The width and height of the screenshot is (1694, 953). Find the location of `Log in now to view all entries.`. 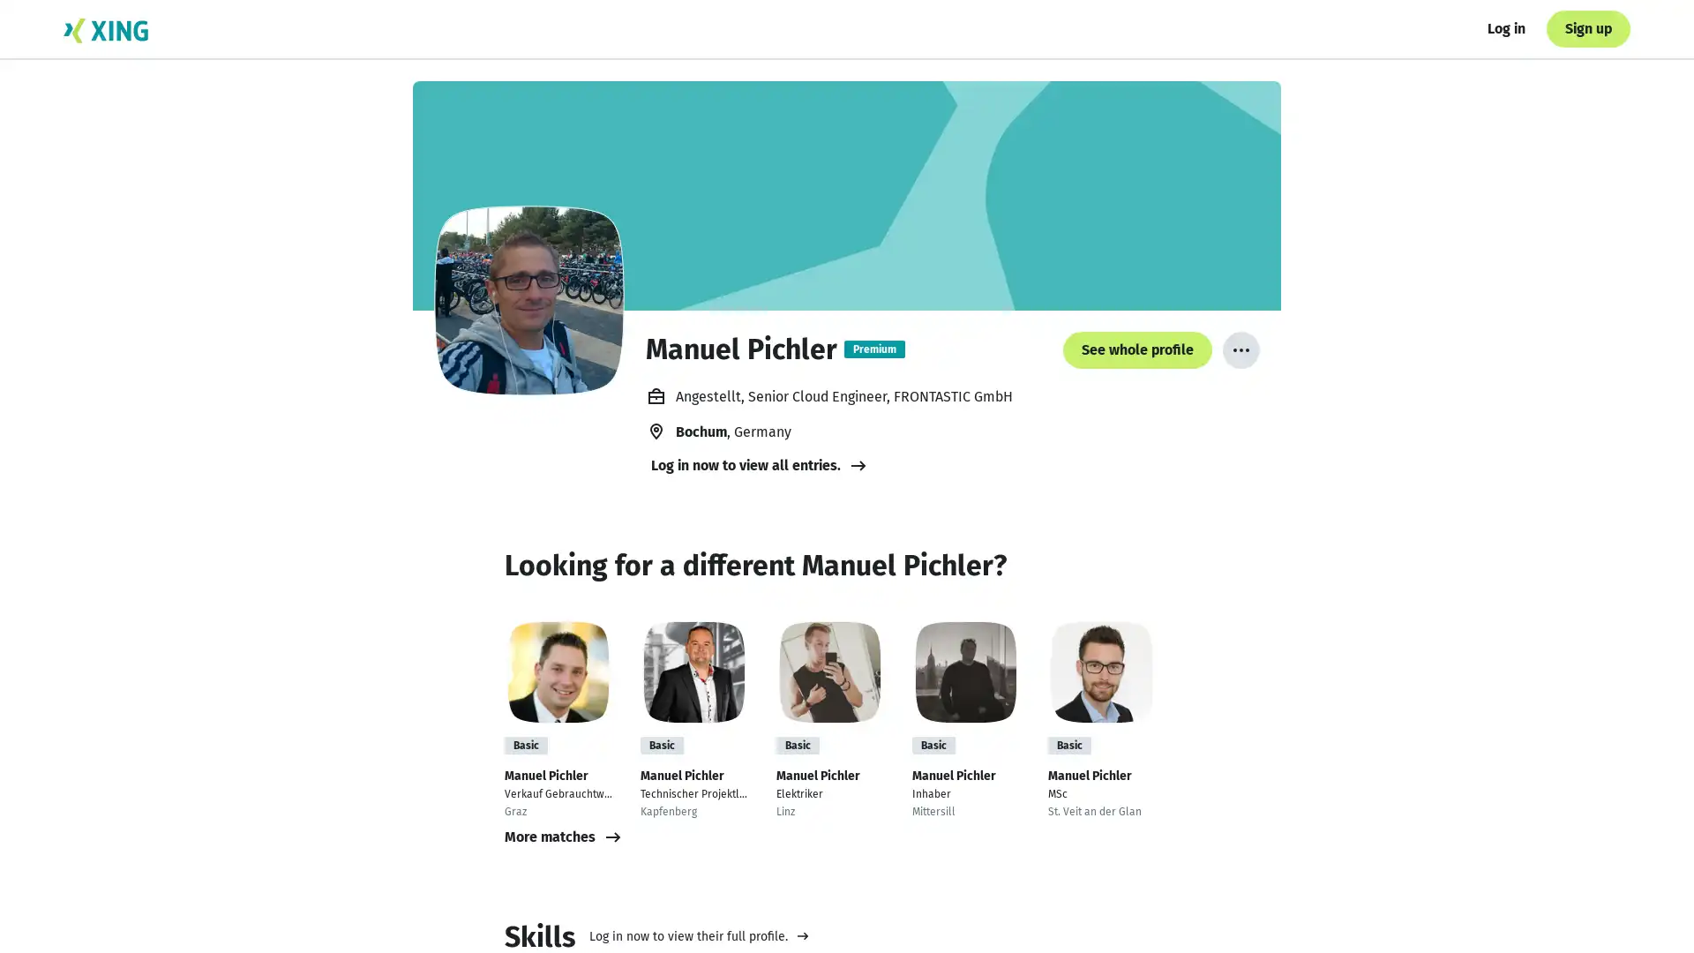

Log in now to view all entries. is located at coordinates (760, 465).